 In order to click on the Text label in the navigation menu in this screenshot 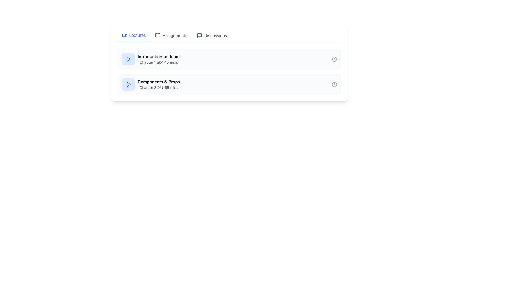, I will do `click(215, 35)`.